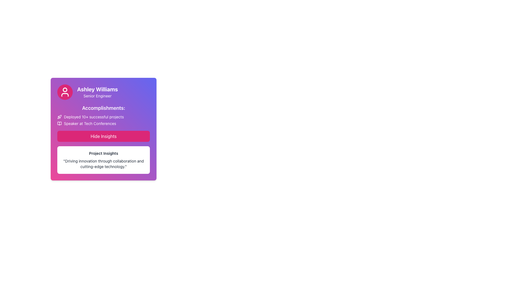 The width and height of the screenshot is (529, 298). Describe the element at coordinates (103, 108) in the screenshot. I see `the text label displaying 'Accomplishments:' in bold white text, located at the center of the content card` at that location.